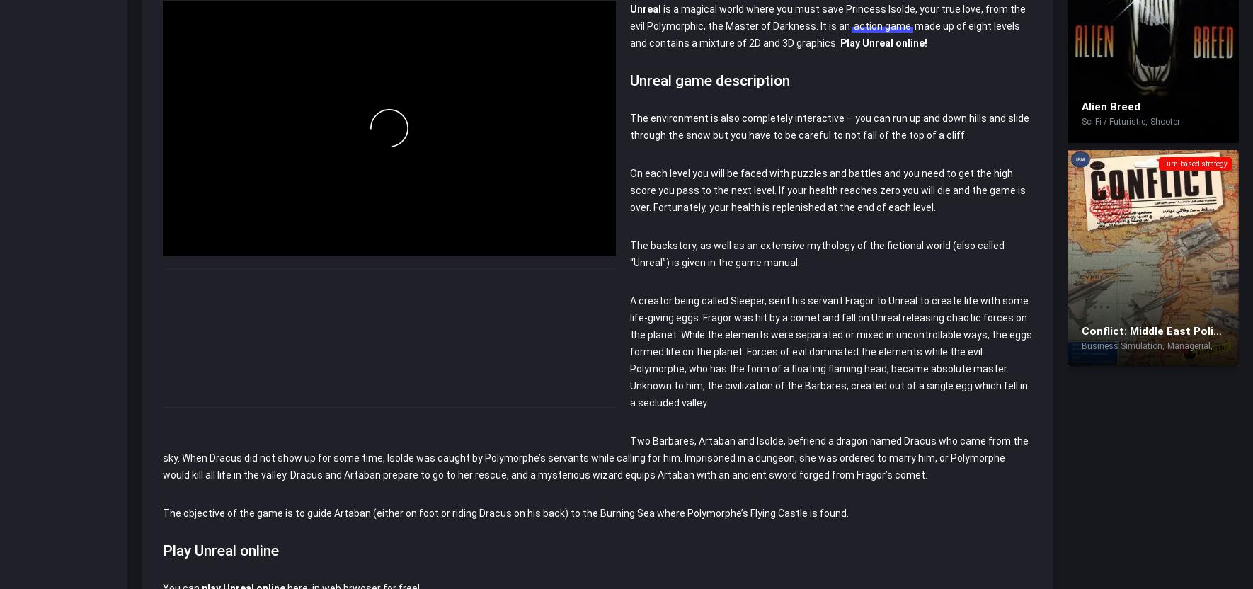 The height and width of the screenshot is (589, 1253). I want to click on '56.2M', so click(212, 41).